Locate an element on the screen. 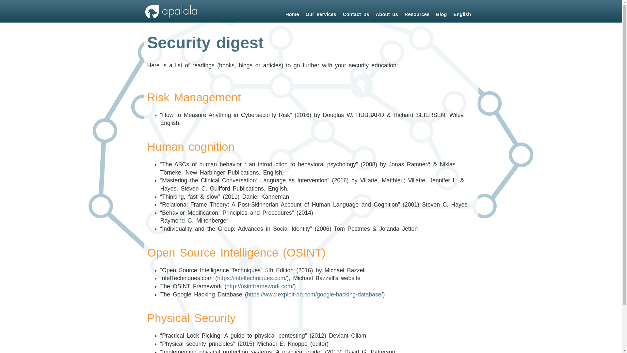  'Home' is located at coordinates (292, 14).